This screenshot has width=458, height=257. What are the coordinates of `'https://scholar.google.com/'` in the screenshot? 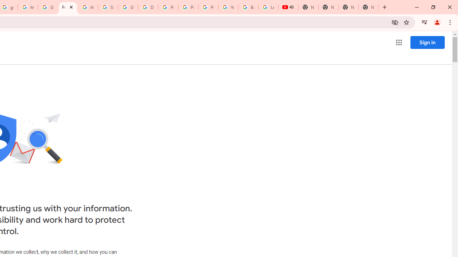 It's located at (28, 7).